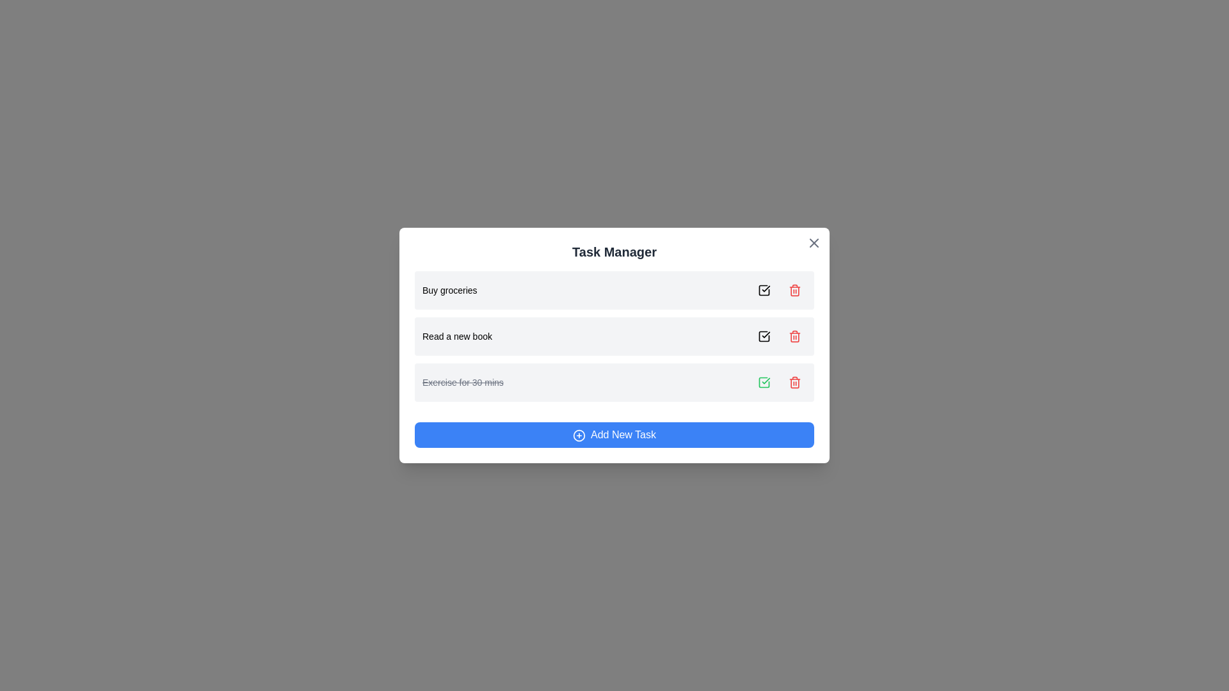 Image resolution: width=1229 pixels, height=691 pixels. What do you see at coordinates (764, 290) in the screenshot?
I see `the Checkbox icon with a checkmark, which is located on the right side of the first task row labeled 'Buy groceries' in the task list` at bounding box center [764, 290].